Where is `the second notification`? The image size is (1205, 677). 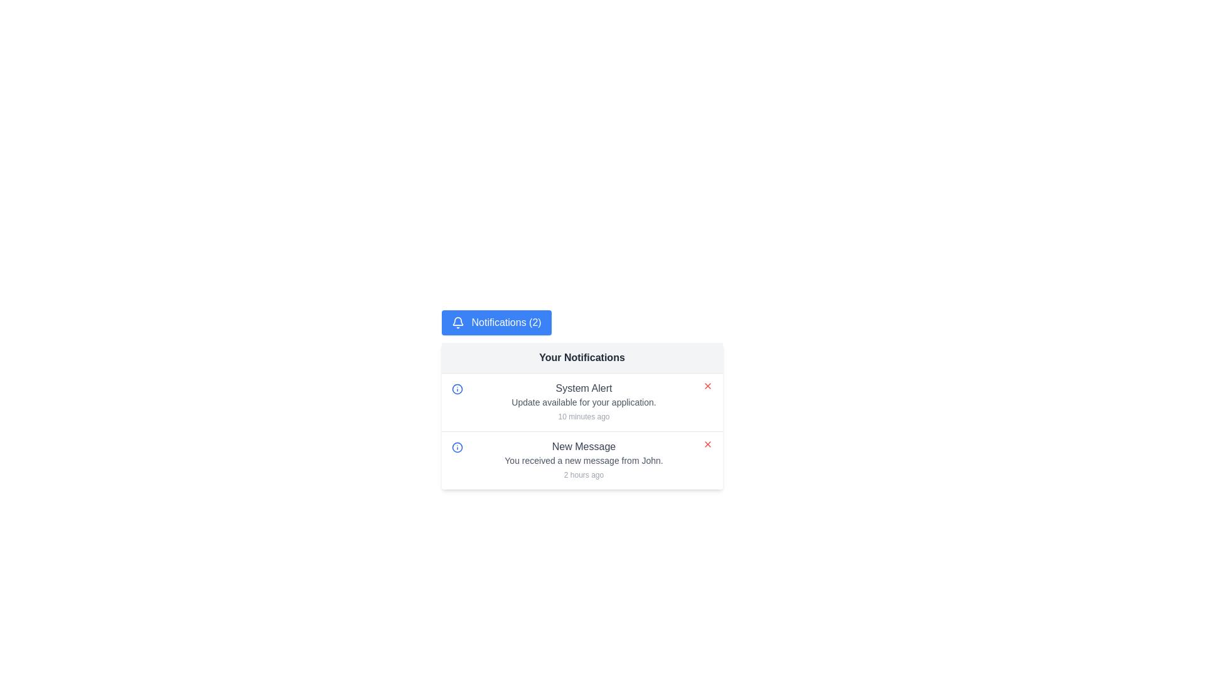 the second notification is located at coordinates (583, 461).